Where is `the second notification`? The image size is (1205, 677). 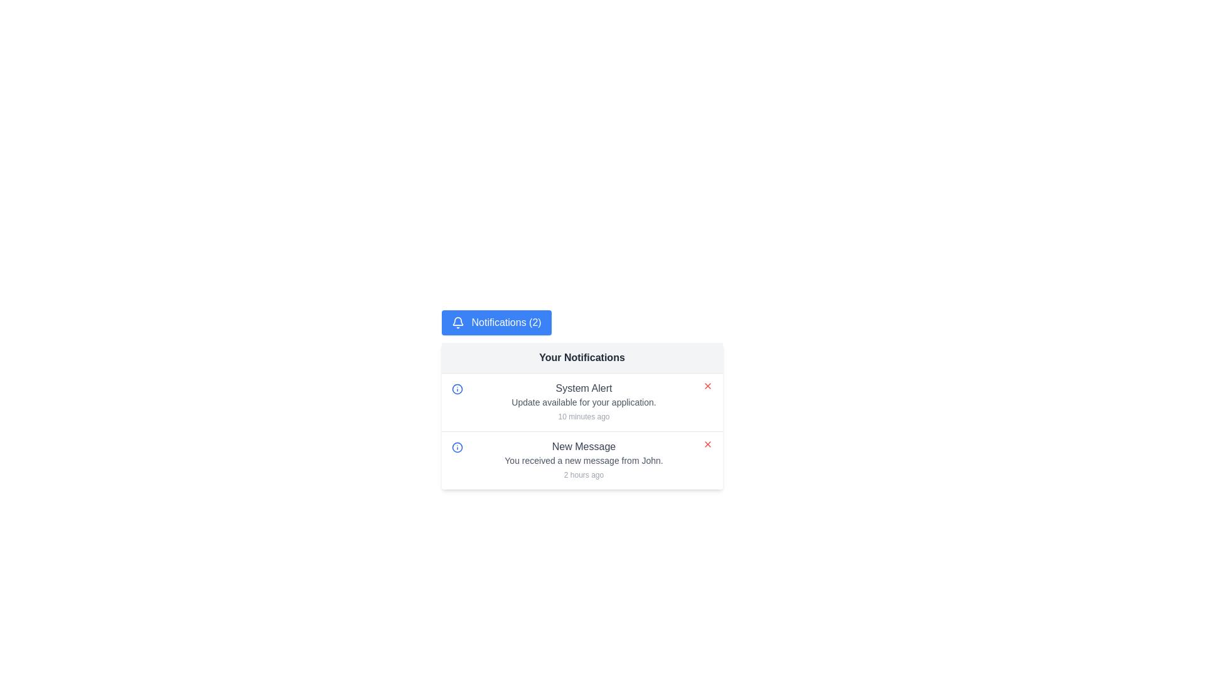 the second notification is located at coordinates (583, 461).